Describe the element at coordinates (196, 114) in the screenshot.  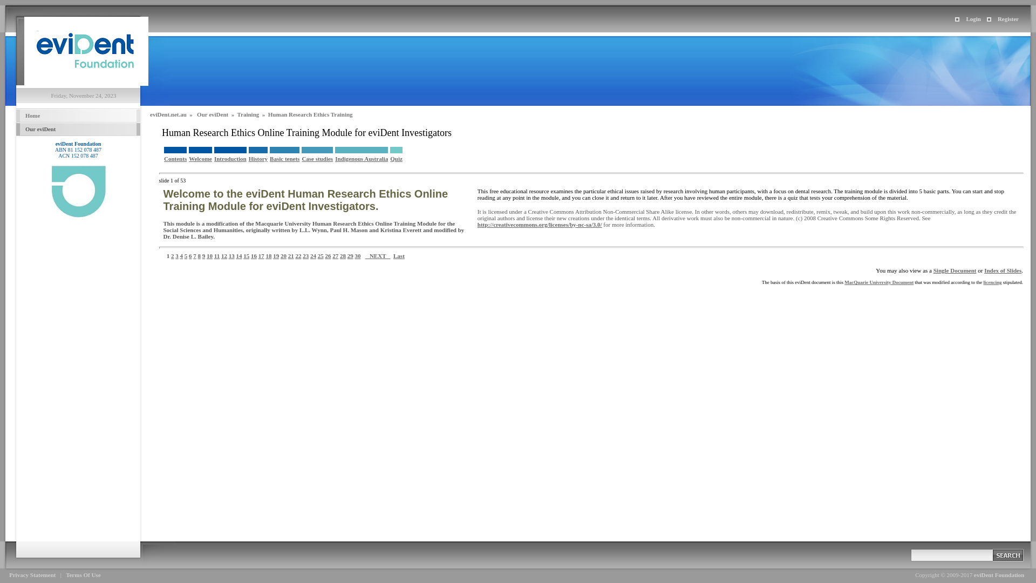
I see `'Our eviDent'` at that location.